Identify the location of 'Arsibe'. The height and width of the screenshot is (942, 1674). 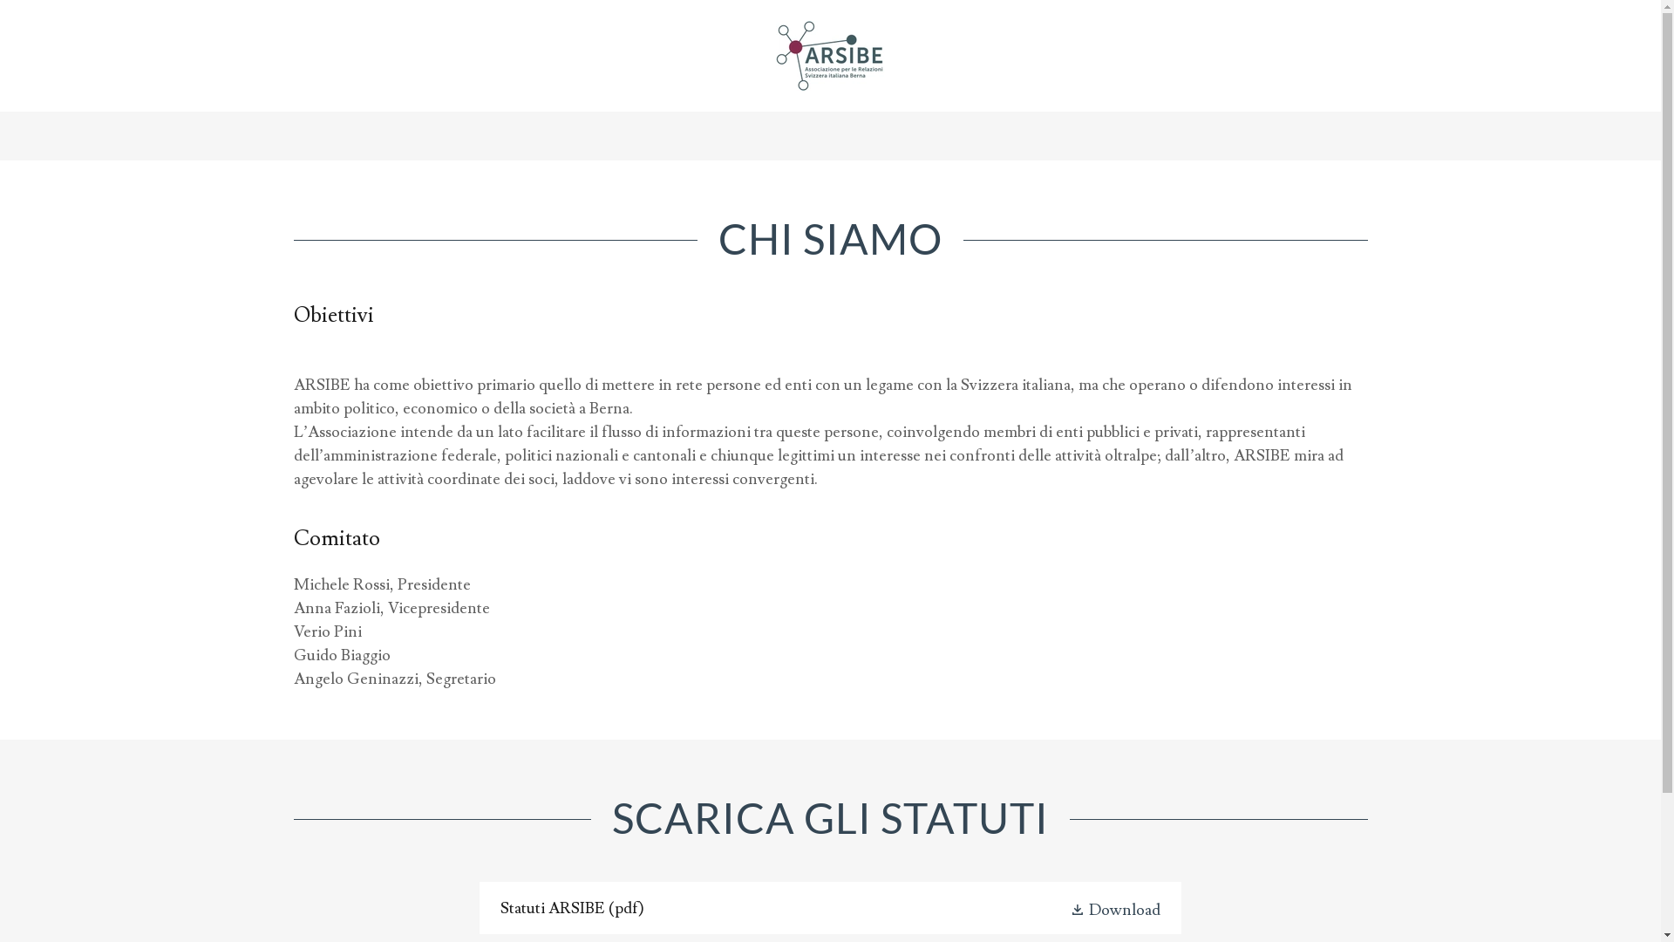
(829, 51).